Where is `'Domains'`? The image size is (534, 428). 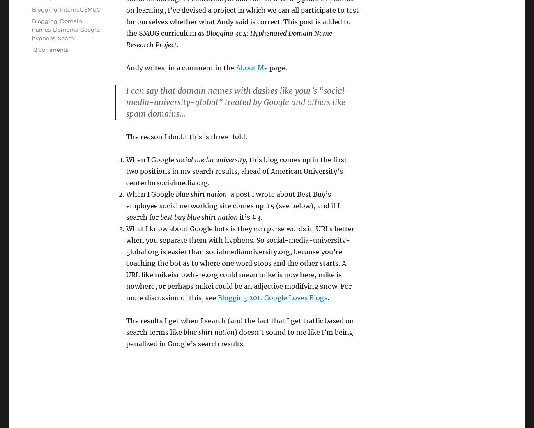
'Domains' is located at coordinates (64, 29).